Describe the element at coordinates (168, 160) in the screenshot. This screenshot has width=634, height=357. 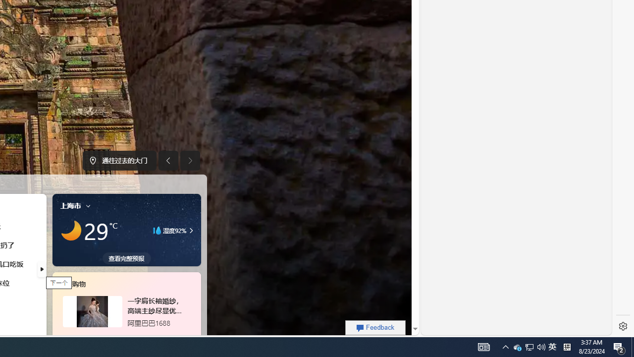
I see `'Previous image'` at that location.